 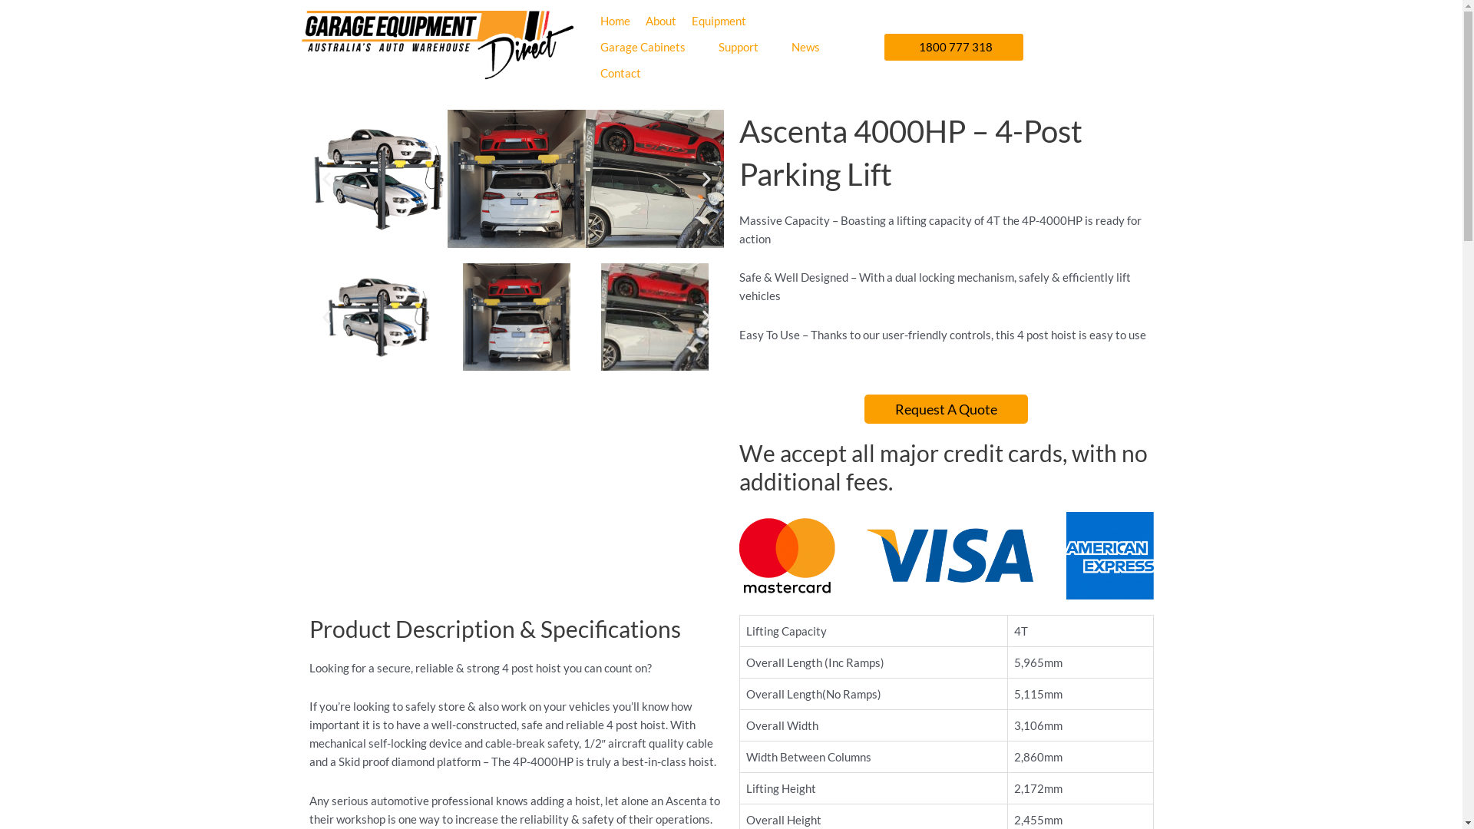 What do you see at coordinates (945, 408) in the screenshot?
I see `'Request A Quote'` at bounding box center [945, 408].